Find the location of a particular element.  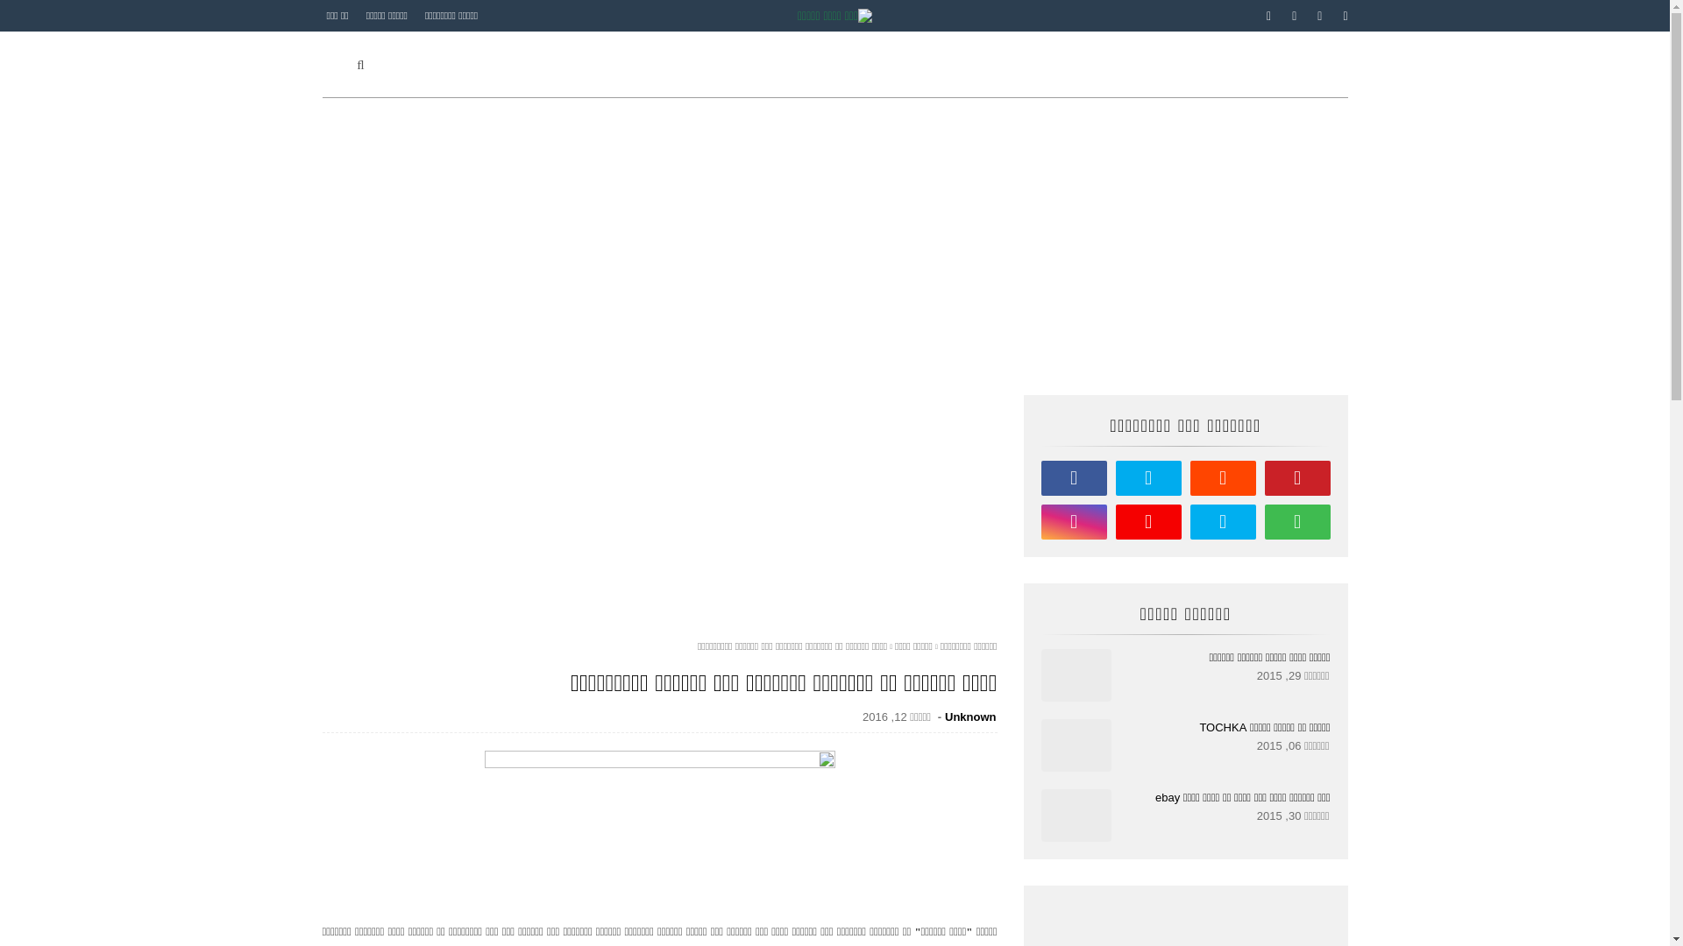

'pinterest' is located at coordinates (1296, 478).